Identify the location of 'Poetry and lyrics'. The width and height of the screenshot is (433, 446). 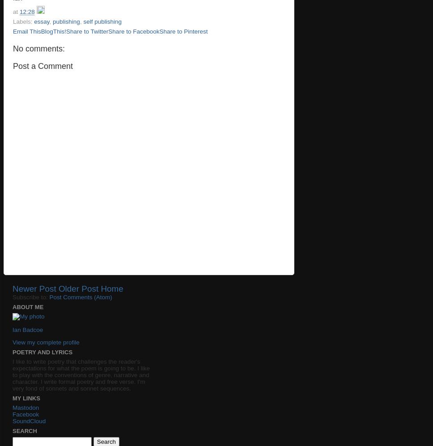
(42, 351).